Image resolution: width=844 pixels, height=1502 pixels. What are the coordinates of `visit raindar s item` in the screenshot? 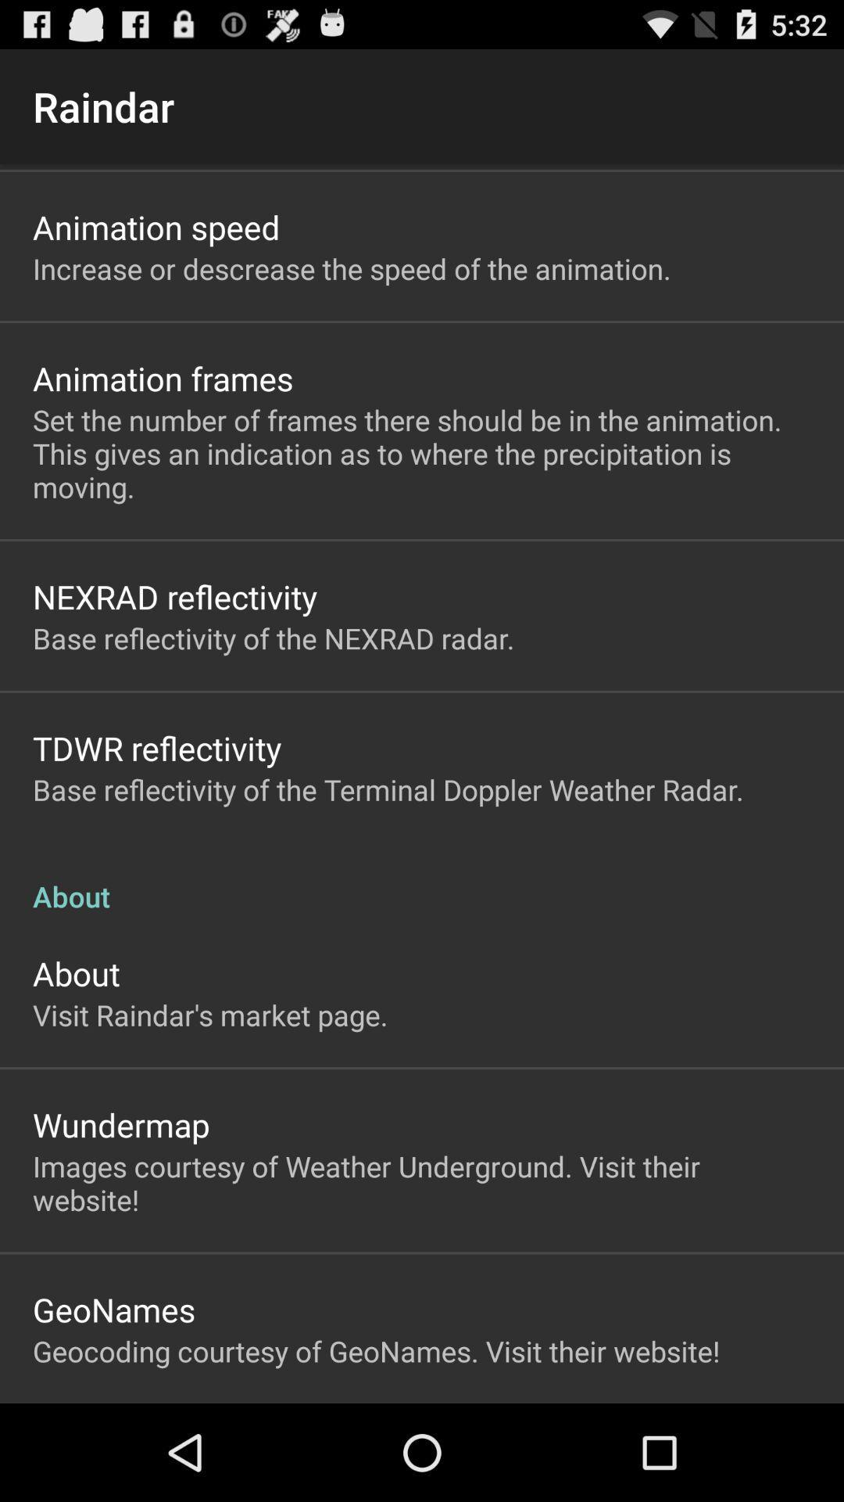 It's located at (209, 1015).